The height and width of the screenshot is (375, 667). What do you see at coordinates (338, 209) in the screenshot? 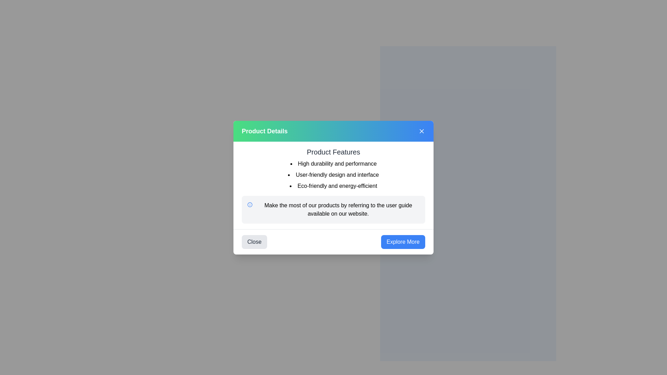
I see `the text block that contains the phrase 'Make the most of our products by referring to the user guide available on our website.' within the modal dialog under 'Product Features'` at bounding box center [338, 209].